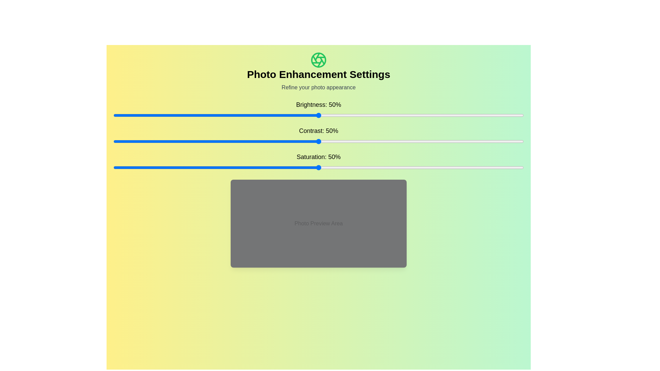 The height and width of the screenshot is (371, 660). I want to click on the saturation slider to 64%, so click(376, 168).